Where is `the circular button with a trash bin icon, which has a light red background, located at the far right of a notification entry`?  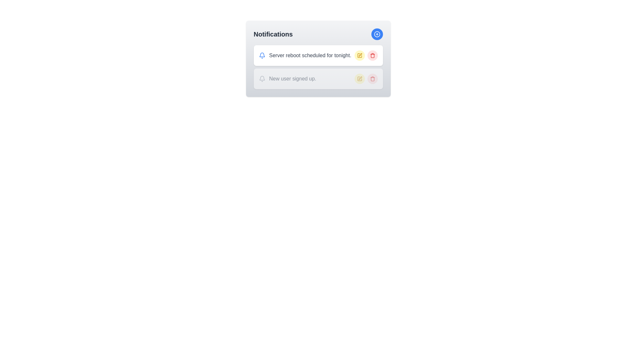 the circular button with a trash bin icon, which has a light red background, located at the far right of a notification entry is located at coordinates (372, 55).